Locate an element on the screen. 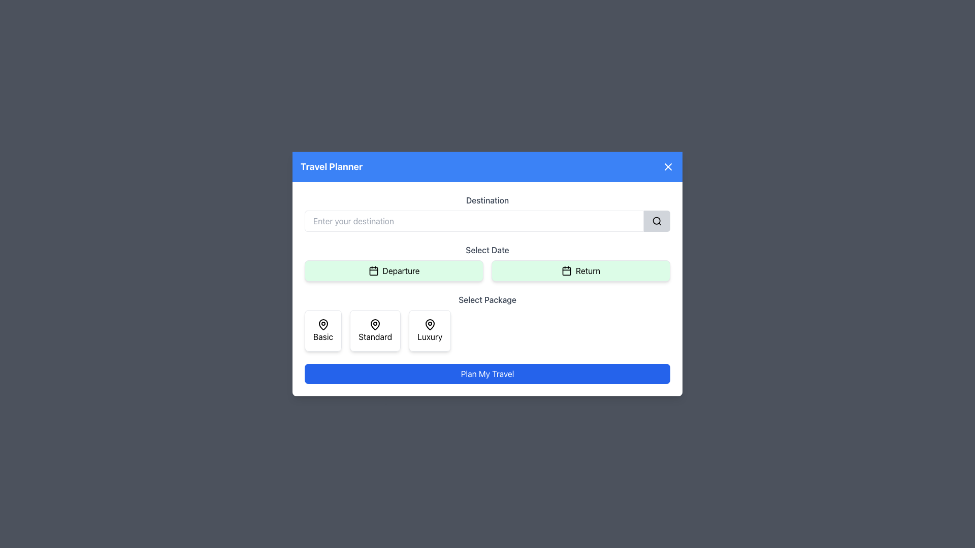 The width and height of the screenshot is (975, 548). the search button located immediately to the right of the 'Enter your destination' text input field, which is part of the 'Destination' input group is located at coordinates (657, 220).